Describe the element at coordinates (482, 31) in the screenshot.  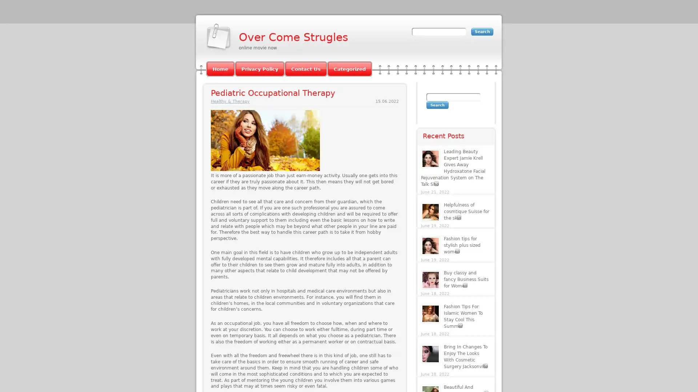
I see `Search` at that location.